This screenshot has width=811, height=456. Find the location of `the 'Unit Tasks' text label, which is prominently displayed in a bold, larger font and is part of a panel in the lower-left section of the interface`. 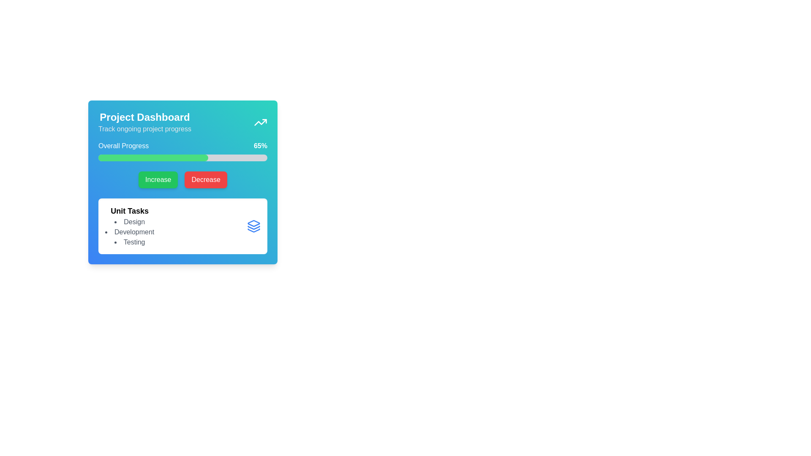

the 'Unit Tasks' text label, which is prominently displayed in a bold, larger font and is part of a panel in the lower-left section of the interface is located at coordinates (129, 211).